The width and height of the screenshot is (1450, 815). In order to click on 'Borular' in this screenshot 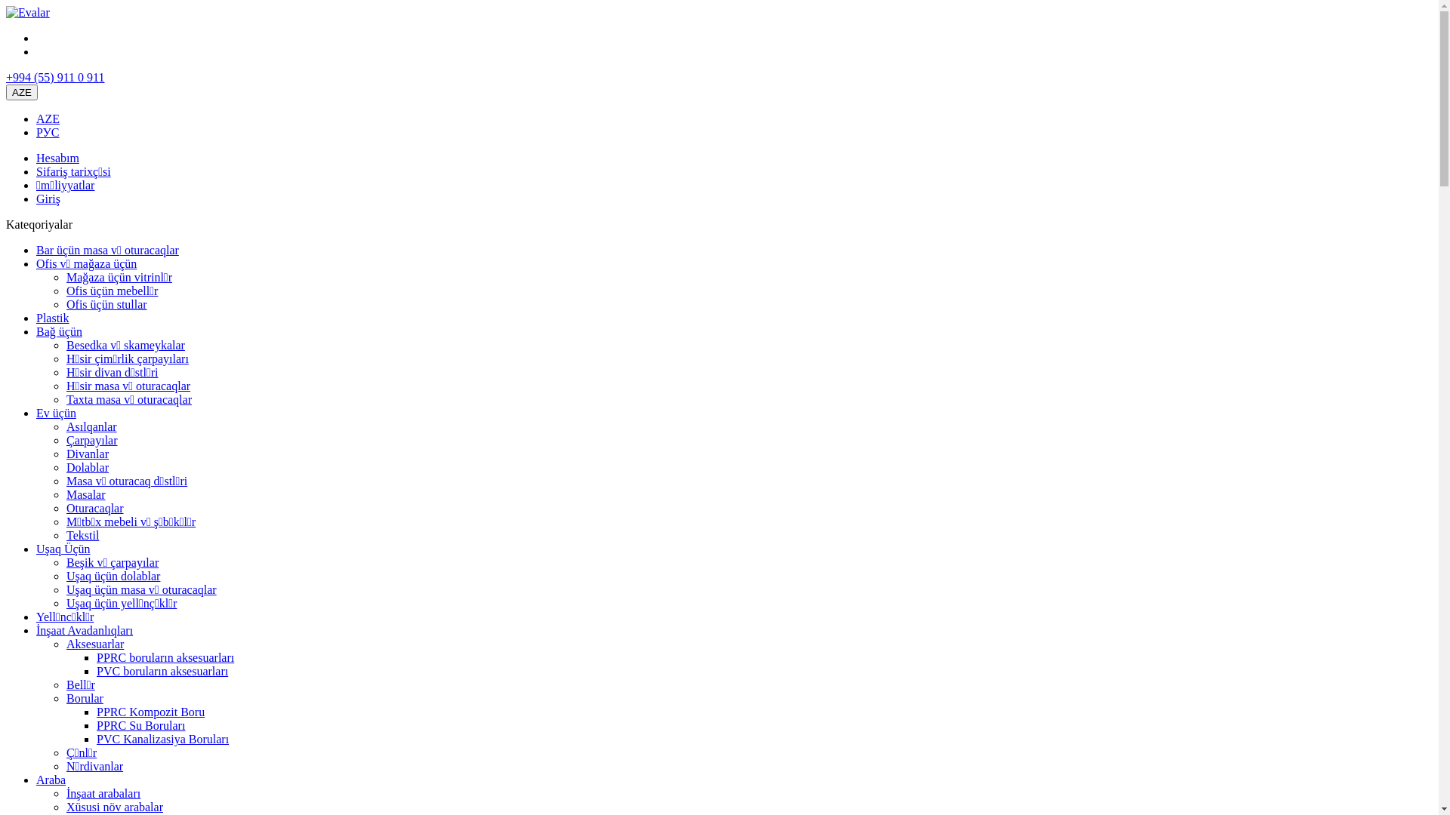, I will do `click(65, 698)`.